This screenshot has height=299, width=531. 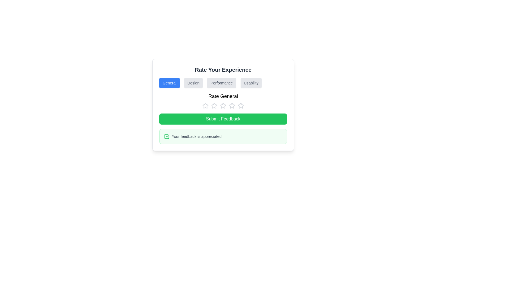 What do you see at coordinates (193, 83) in the screenshot?
I see `the 'Design' button, which has a gray background and is the second button in a horizontal group of four buttons` at bounding box center [193, 83].